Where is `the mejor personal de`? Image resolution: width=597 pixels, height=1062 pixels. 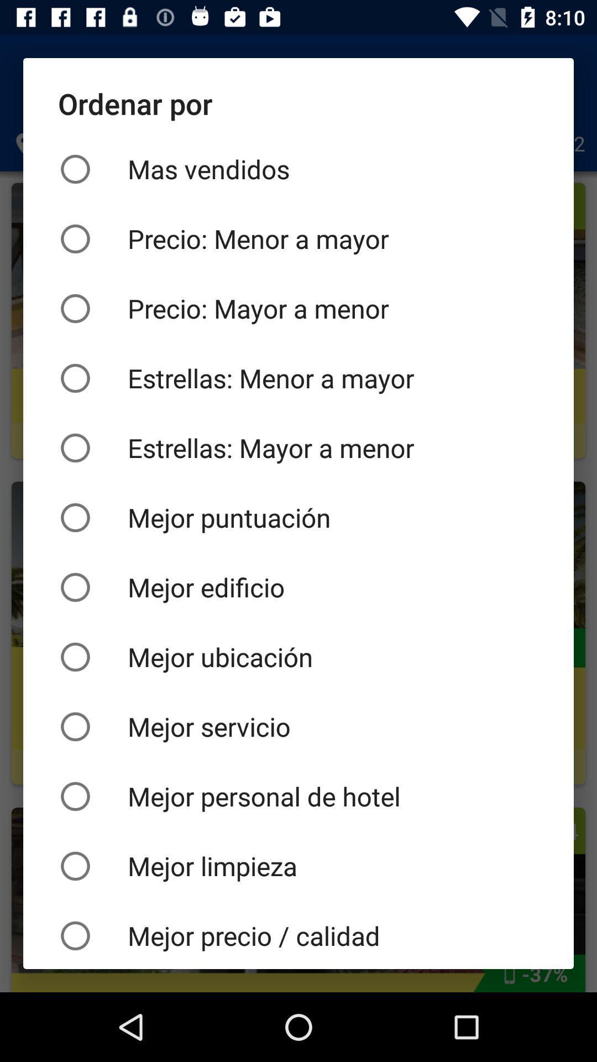 the mejor personal de is located at coordinates (298, 796).